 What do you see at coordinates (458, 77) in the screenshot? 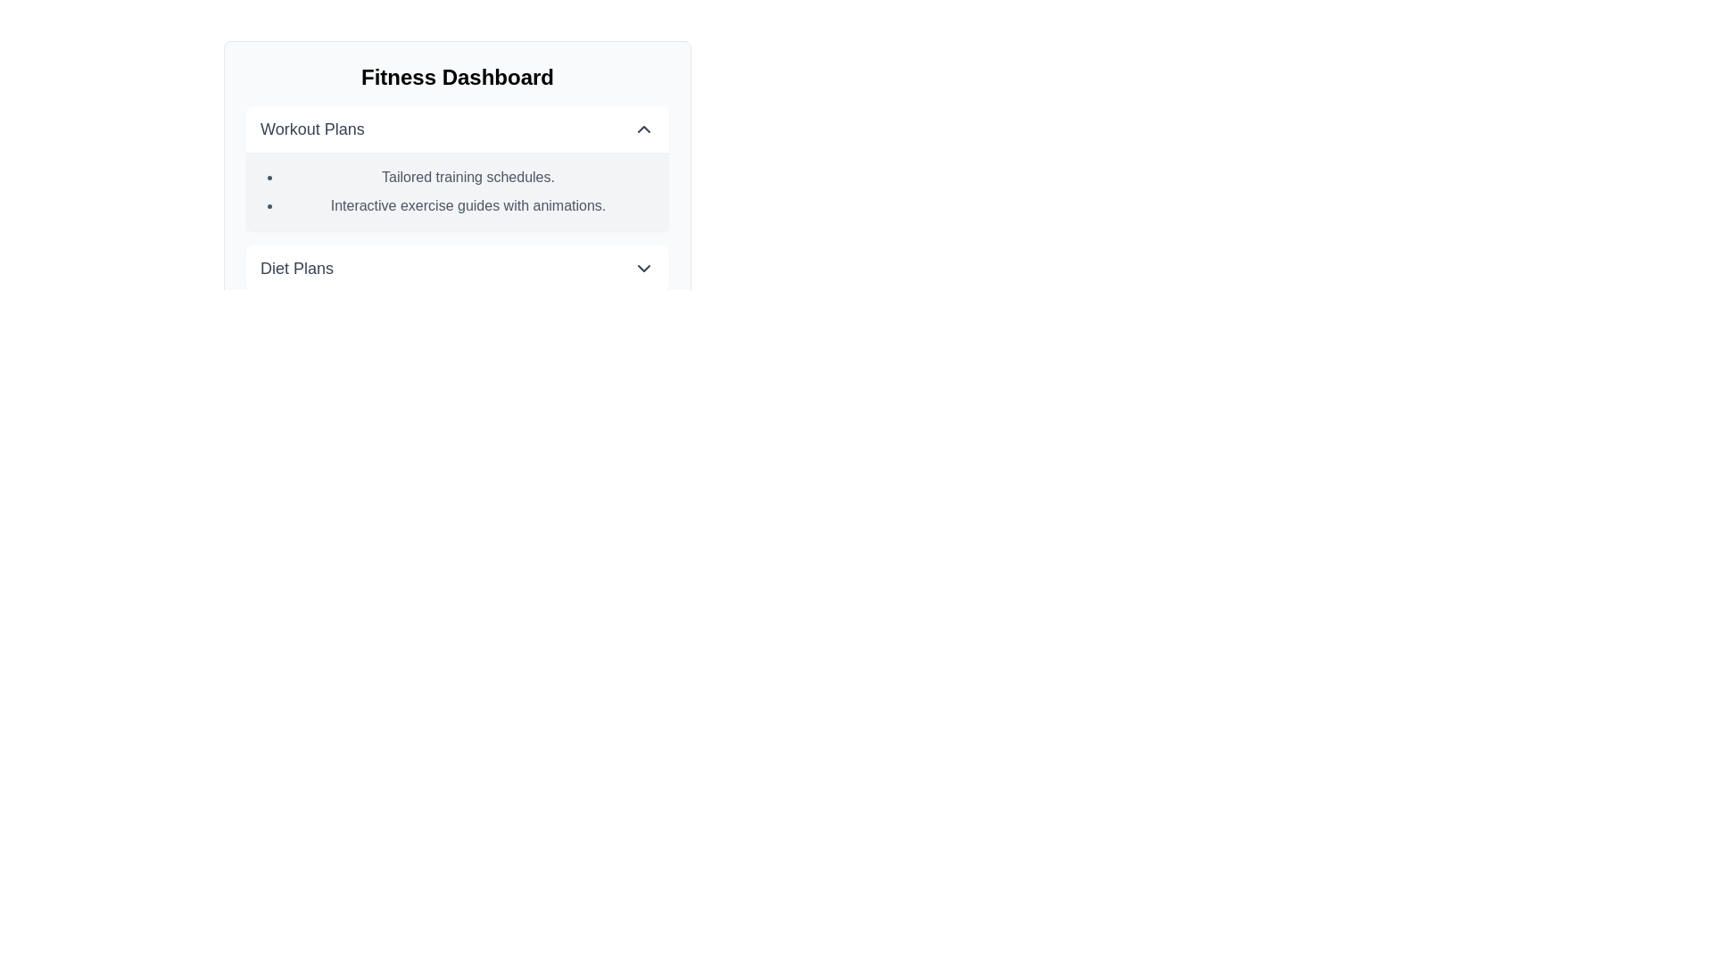
I see `text label that displays 'Fitness Dashboard', which is a prominent heading at the top-center of the dashboard section` at bounding box center [458, 77].